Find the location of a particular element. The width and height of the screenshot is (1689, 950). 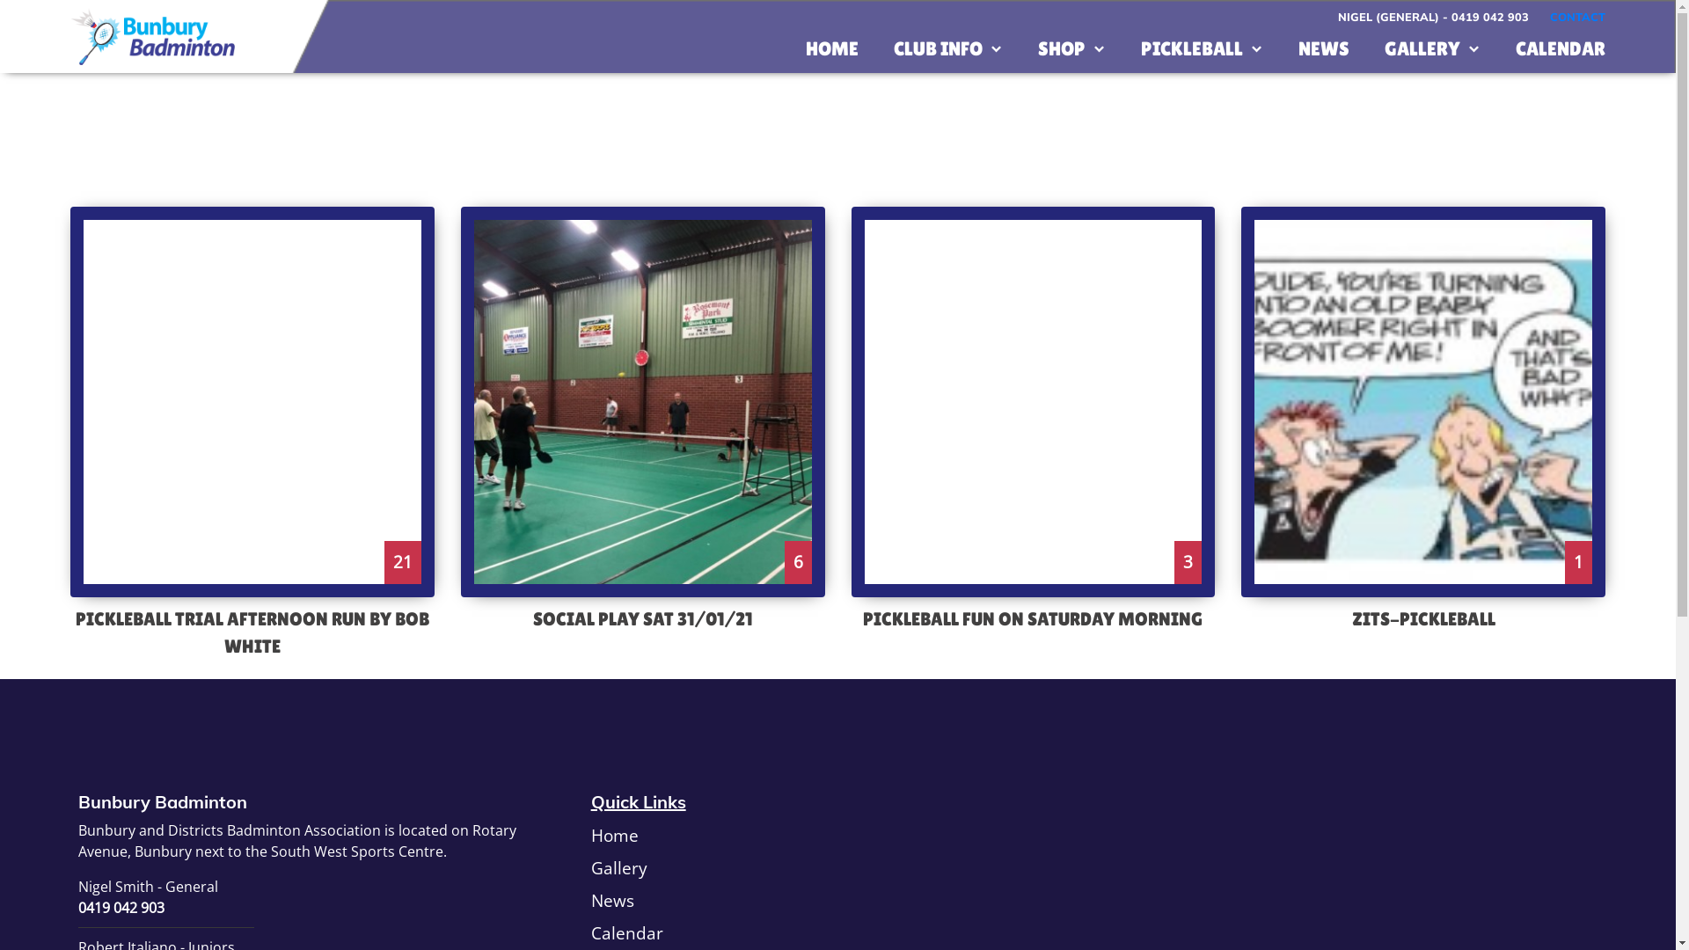

'Gallery' is located at coordinates (619, 867).